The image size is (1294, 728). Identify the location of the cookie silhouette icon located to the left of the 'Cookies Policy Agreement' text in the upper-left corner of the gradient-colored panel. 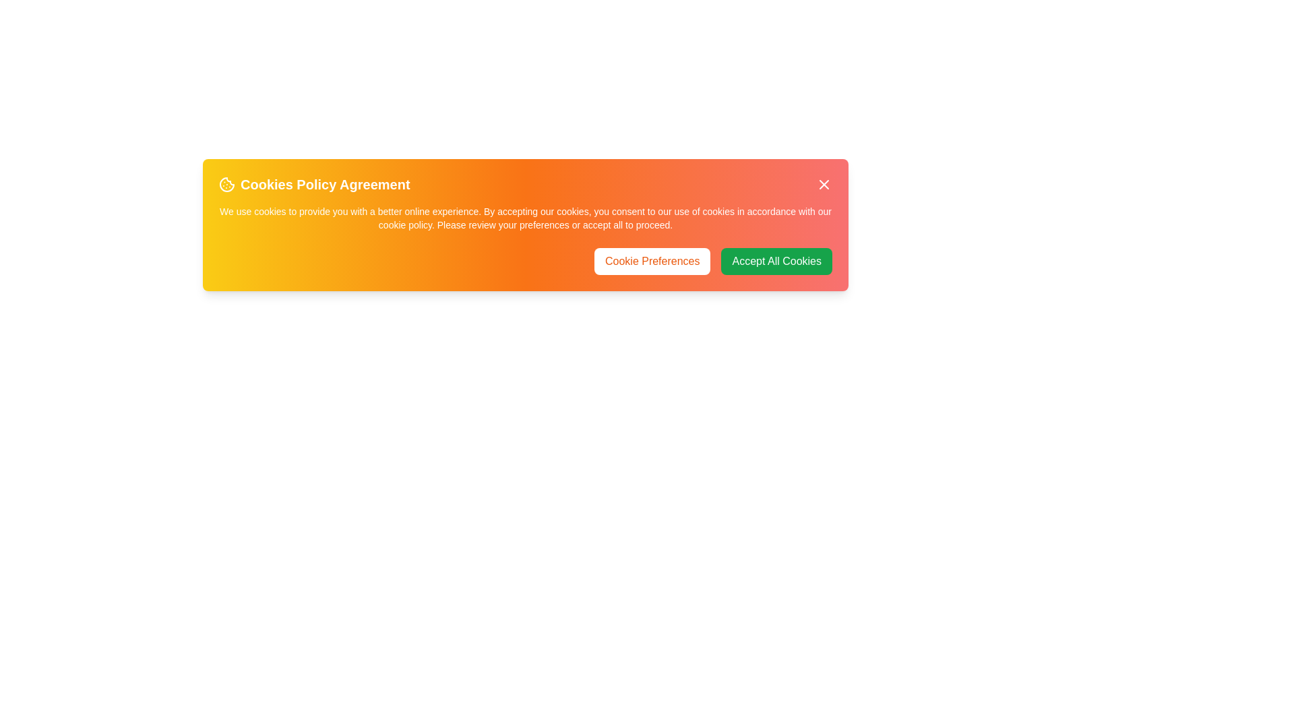
(226, 184).